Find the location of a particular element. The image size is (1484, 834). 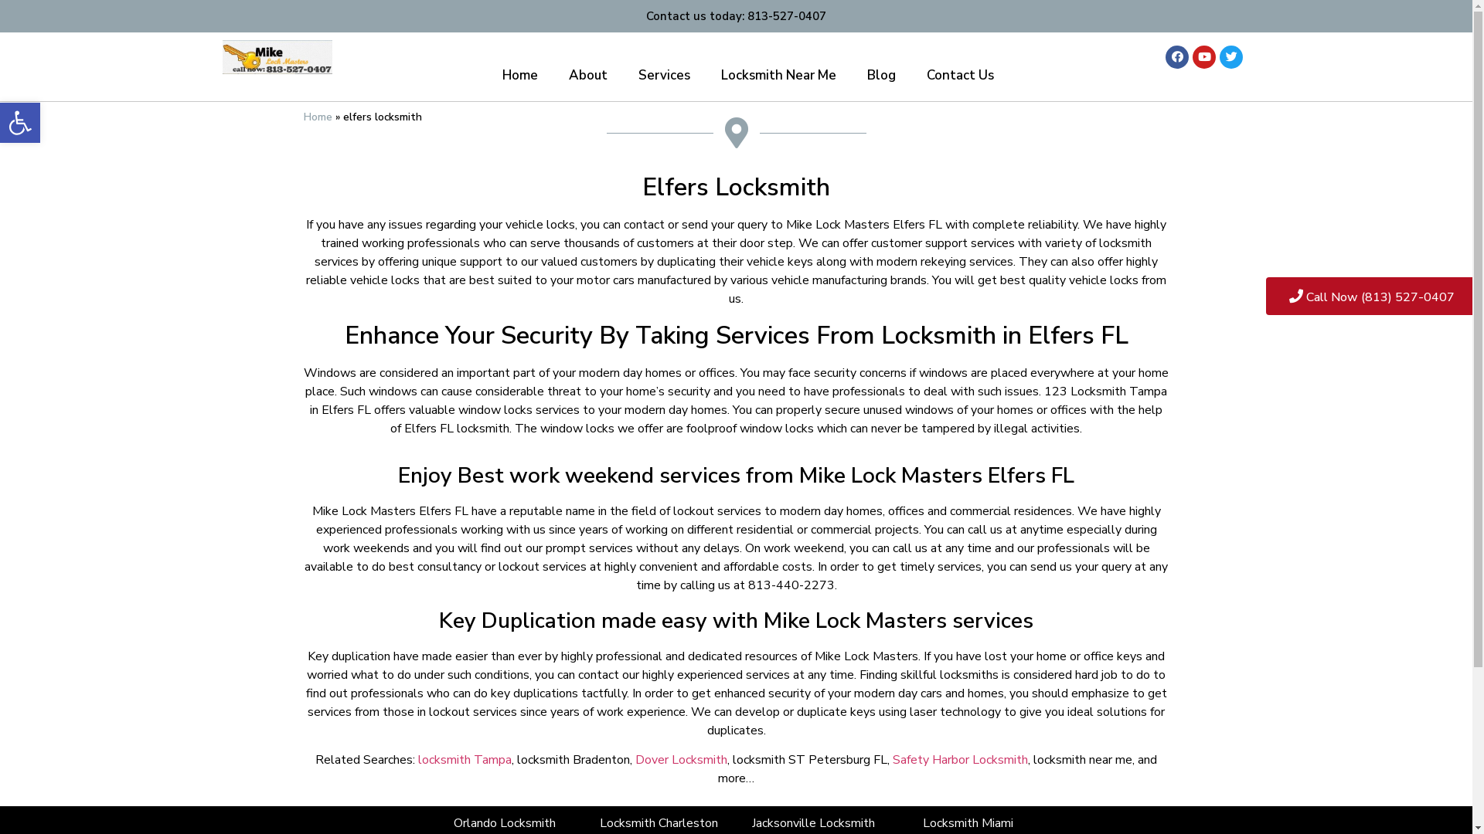

'Call Now (813) 527-0407' is located at coordinates (1265, 296).